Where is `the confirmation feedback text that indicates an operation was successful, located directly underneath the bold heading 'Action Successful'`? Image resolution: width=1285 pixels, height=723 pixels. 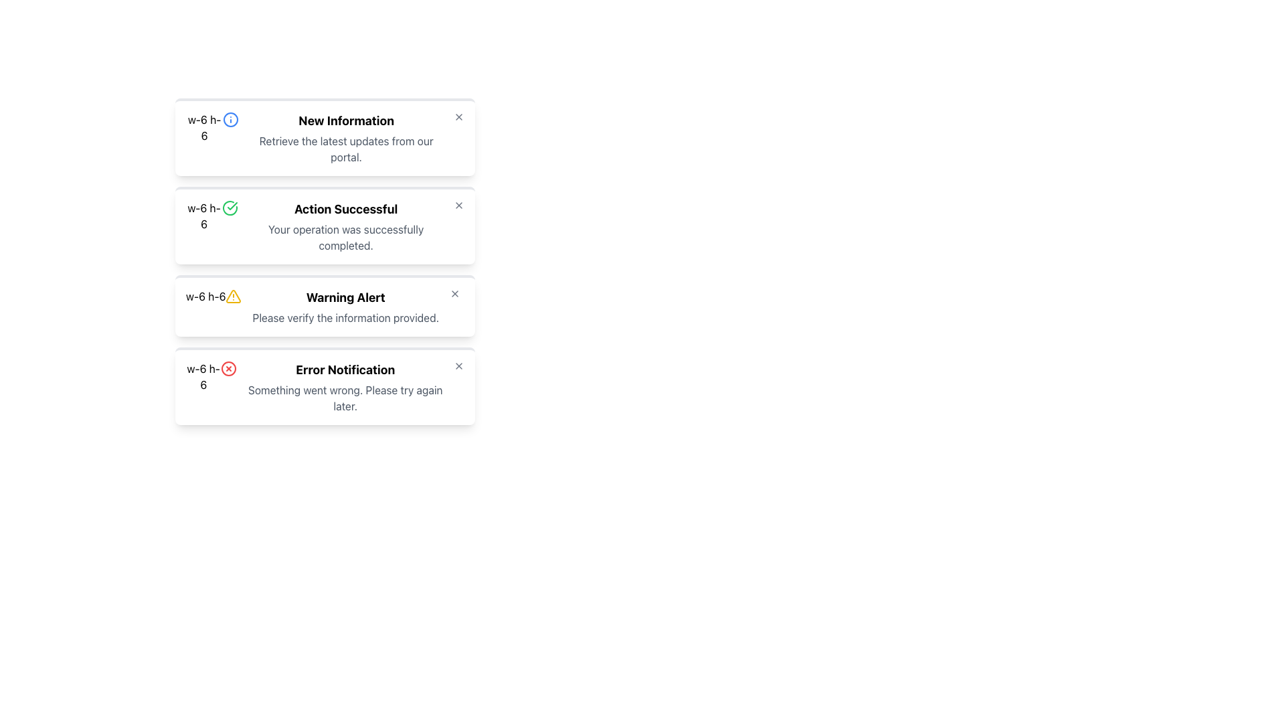 the confirmation feedback text that indicates an operation was successful, located directly underneath the bold heading 'Action Successful' is located at coordinates (346, 236).